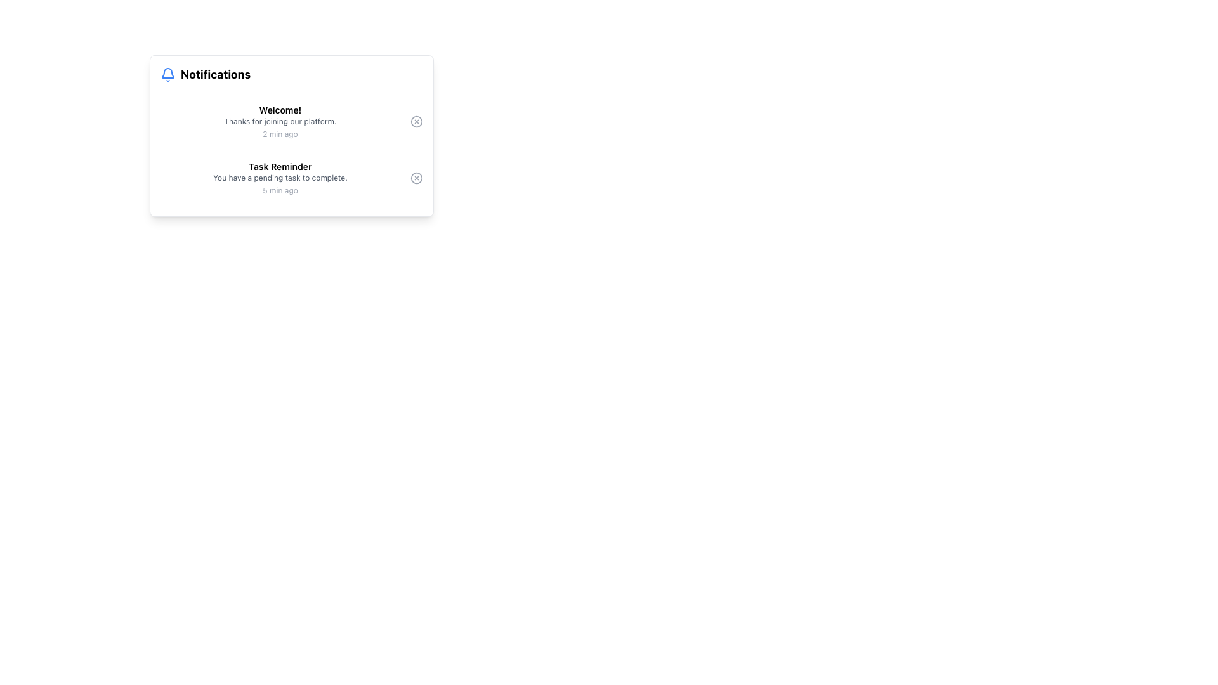  I want to click on the text label located at the center of the notification card, which serves as the heading for the notification message, so click(279, 166).